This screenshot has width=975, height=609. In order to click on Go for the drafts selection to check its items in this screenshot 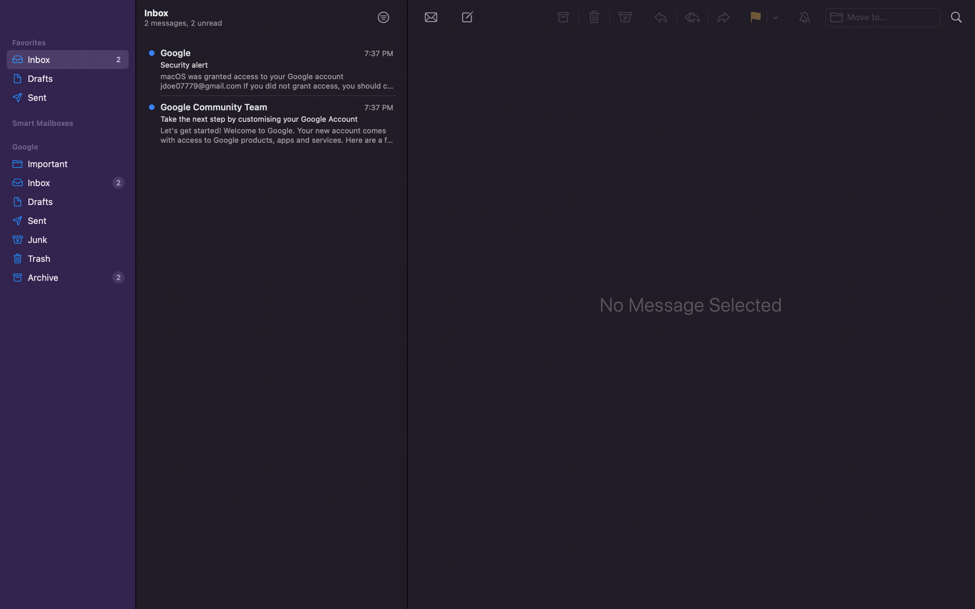, I will do `click(66, 201)`.